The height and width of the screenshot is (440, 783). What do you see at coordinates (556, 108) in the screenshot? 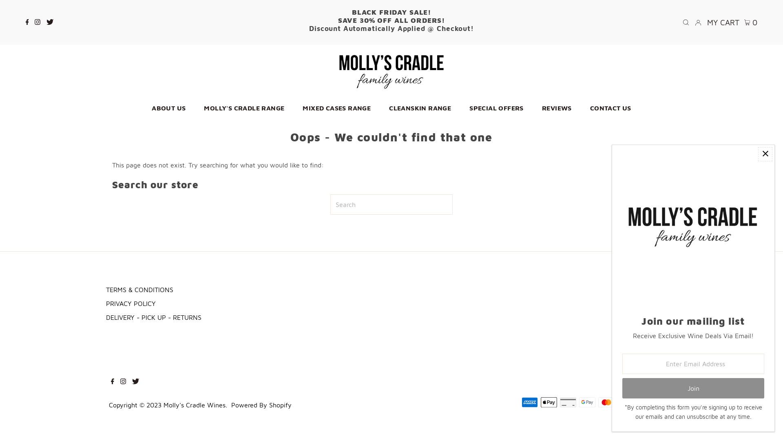
I see `'REVIEWS'` at bounding box center [556, 108].